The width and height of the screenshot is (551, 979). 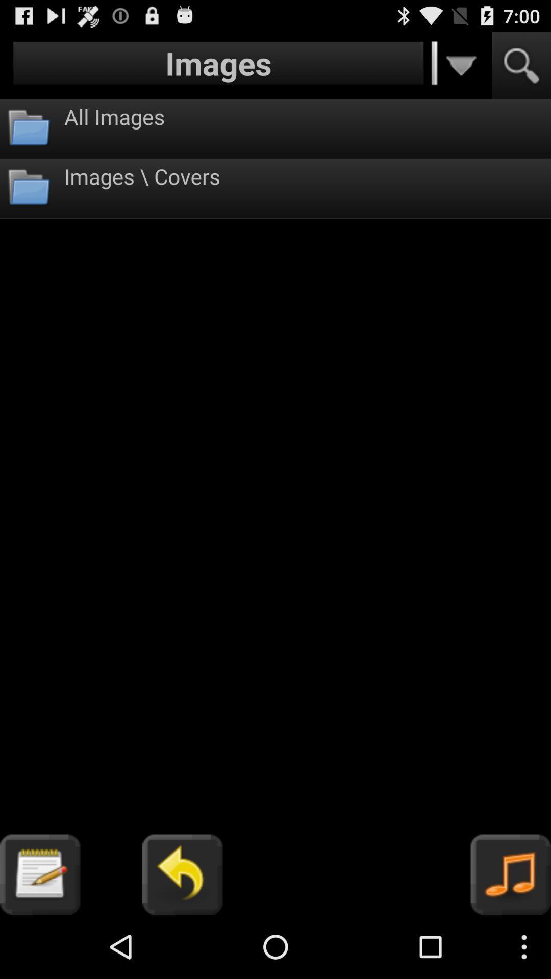 I want to click on the reply icon, so click(x=182, y=936).